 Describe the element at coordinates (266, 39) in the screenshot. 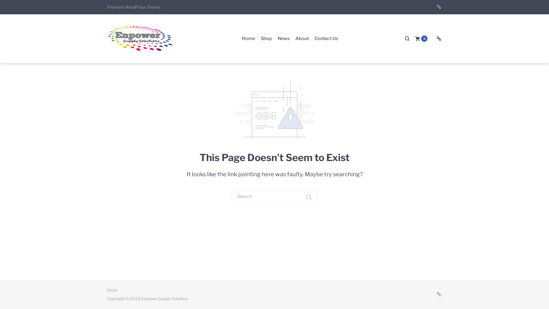

I see `'Shop'` at that location.